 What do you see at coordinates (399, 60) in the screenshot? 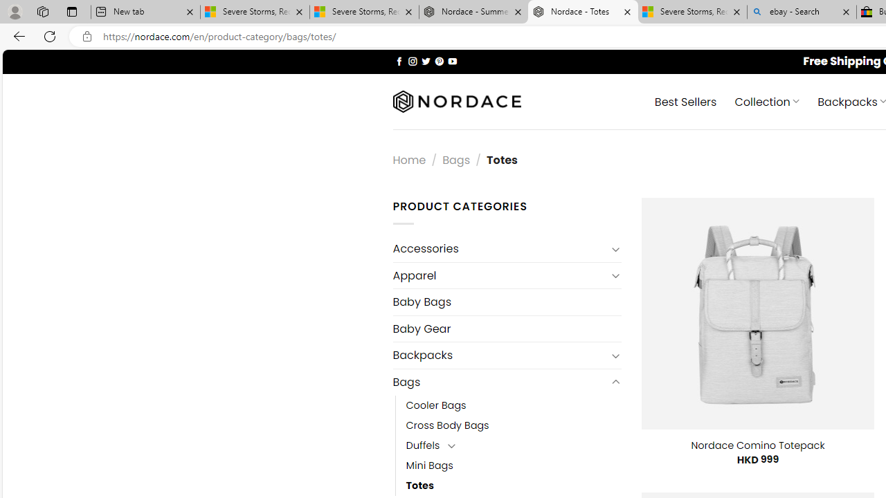
I see `'Follow on Facebook'` at bounding box center [399, 60].